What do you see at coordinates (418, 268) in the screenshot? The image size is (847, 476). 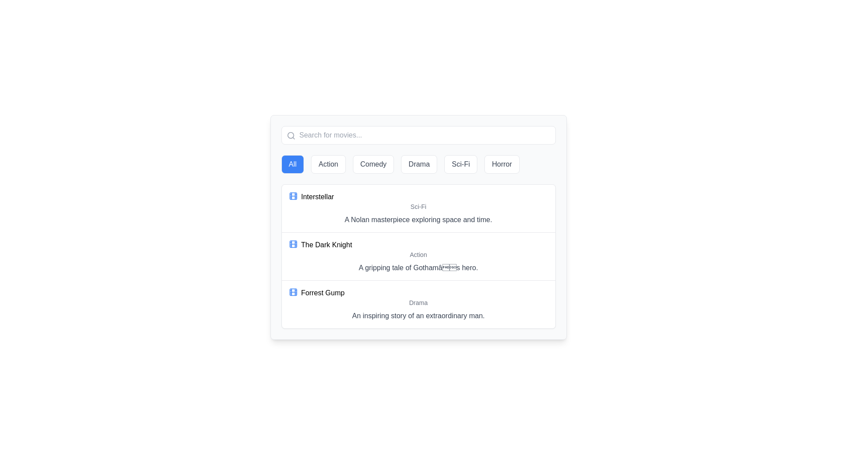 I see `the text label reading 'A gripping tale of Gotham’s hero.' located below the title 'The Dark Knight' and the genre 'Action' in the movie entry section` at bounding box center [418, 268].